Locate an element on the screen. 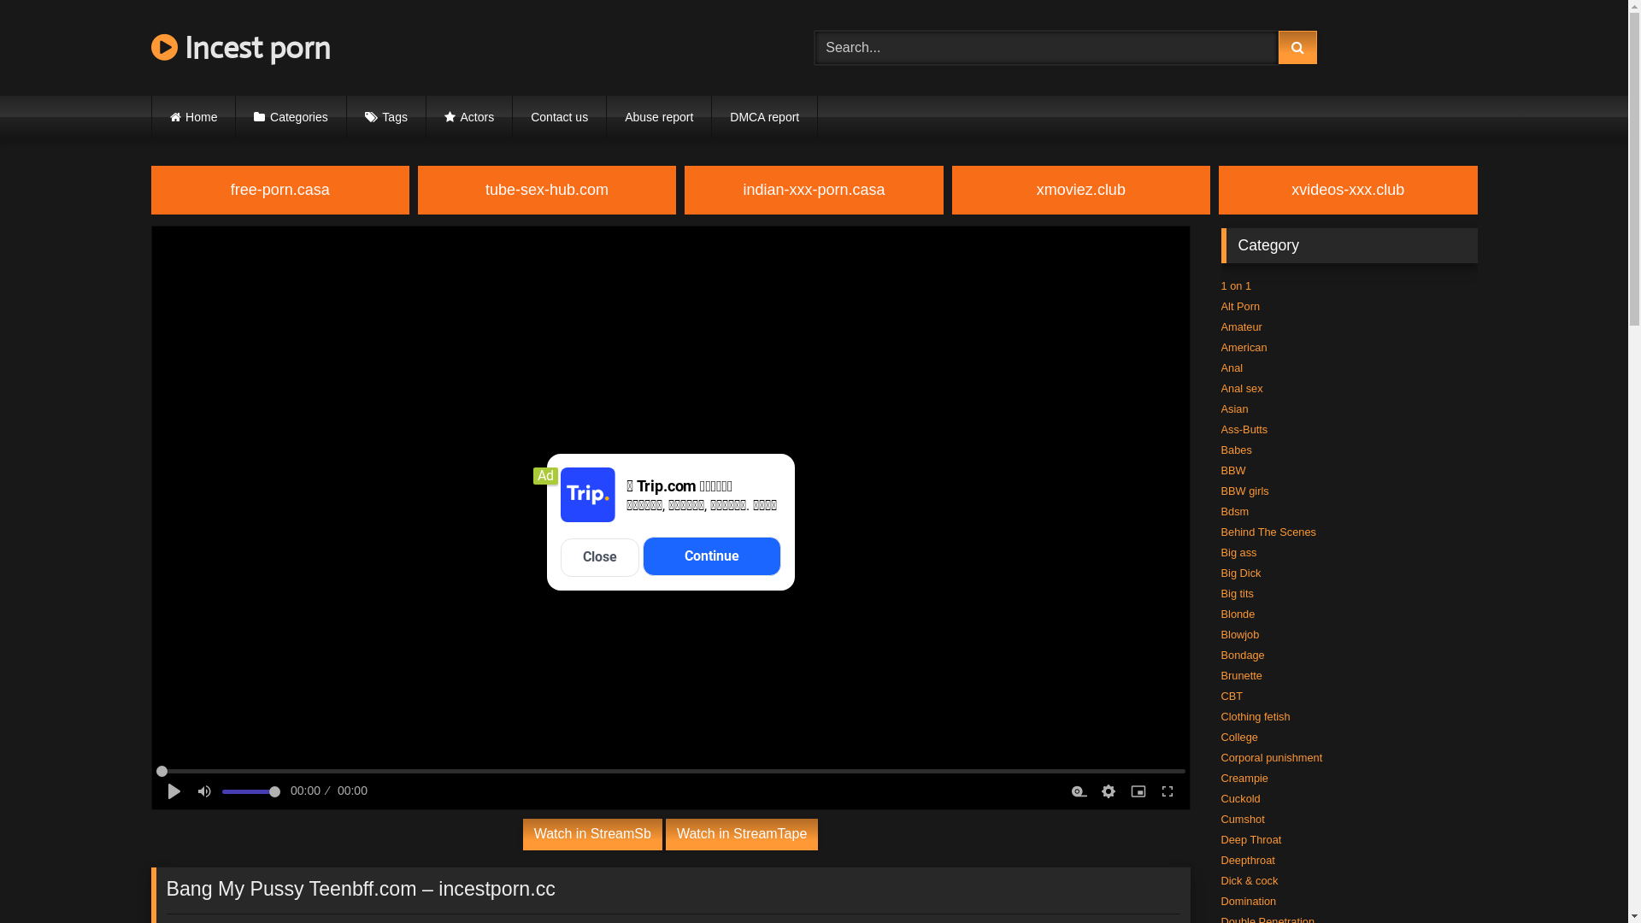  'Creampie' is located at coordinates (1244, 778).